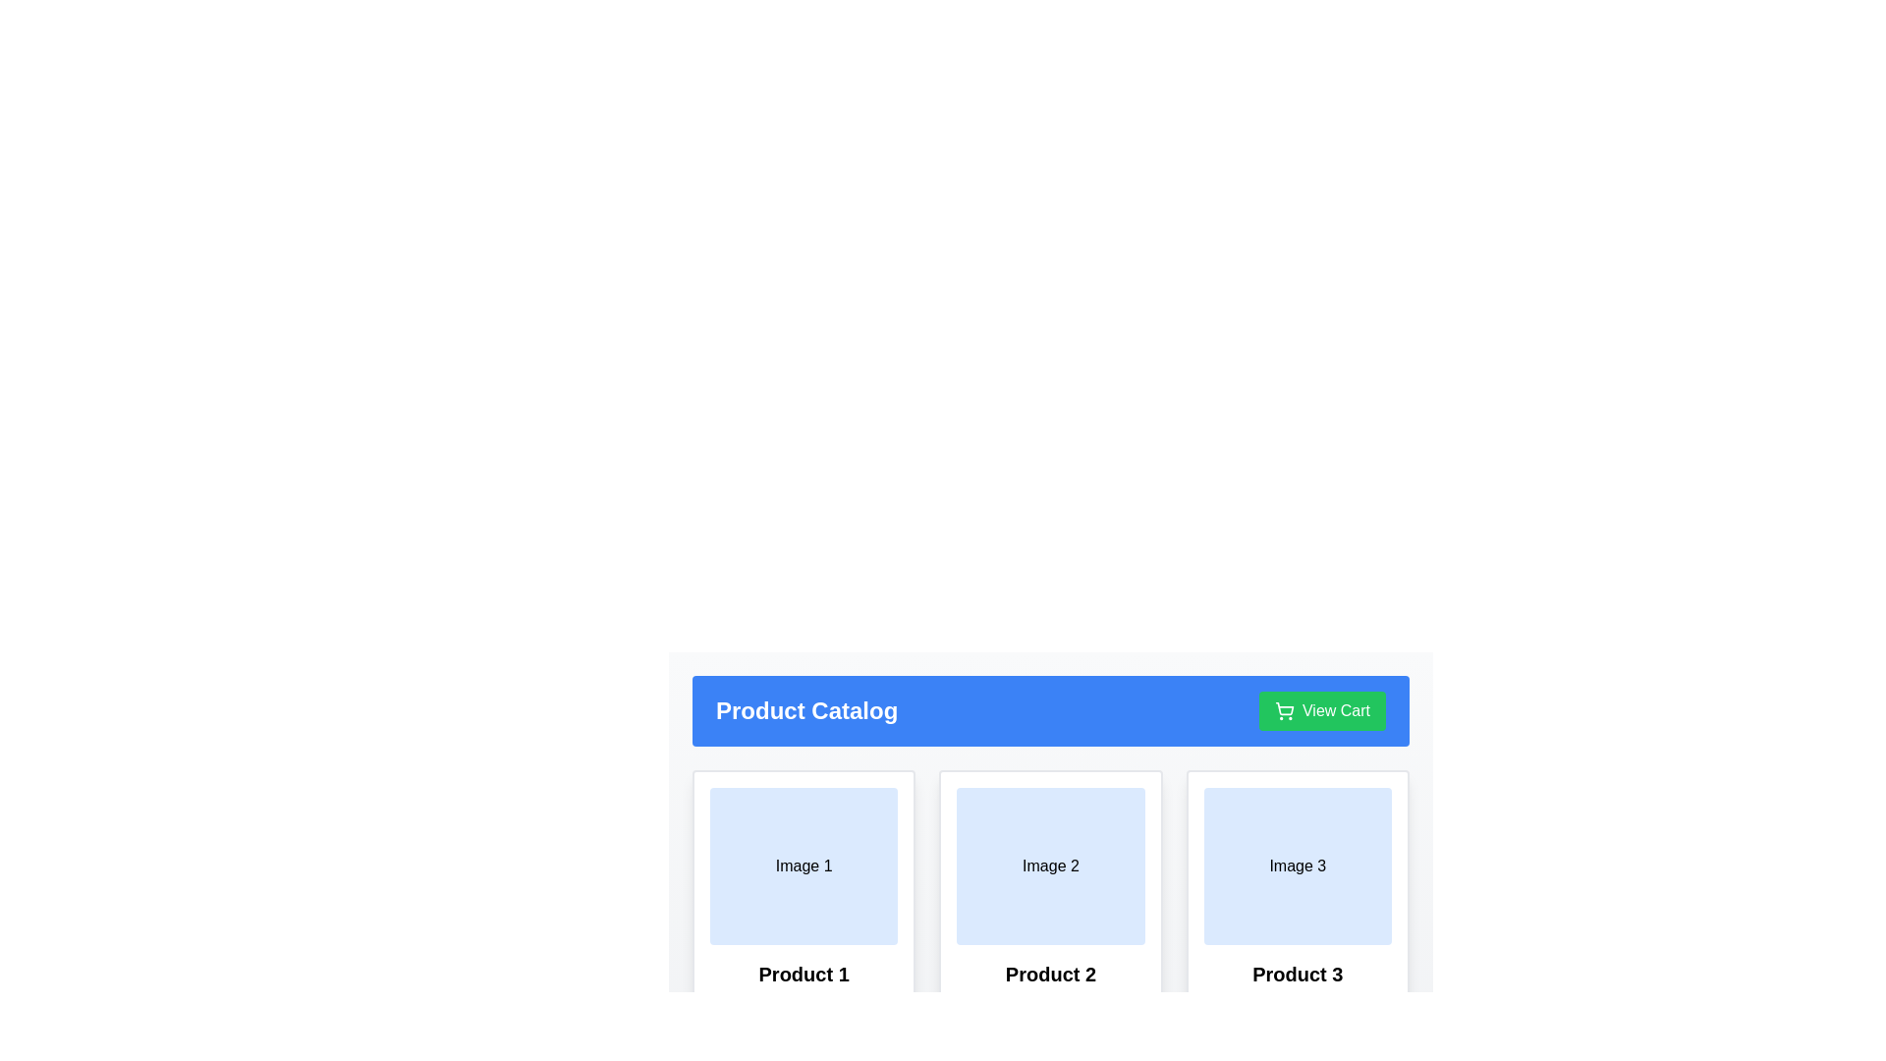 This screenshot has height=1061, width=1886. Describe the element at coordinates (1050, 974) in the screenshot. I see `text content of the bold-styled text label that displays 'Product 2', located beneath 'Image 2' in the second card of a three-card horizontal layout` at that location.